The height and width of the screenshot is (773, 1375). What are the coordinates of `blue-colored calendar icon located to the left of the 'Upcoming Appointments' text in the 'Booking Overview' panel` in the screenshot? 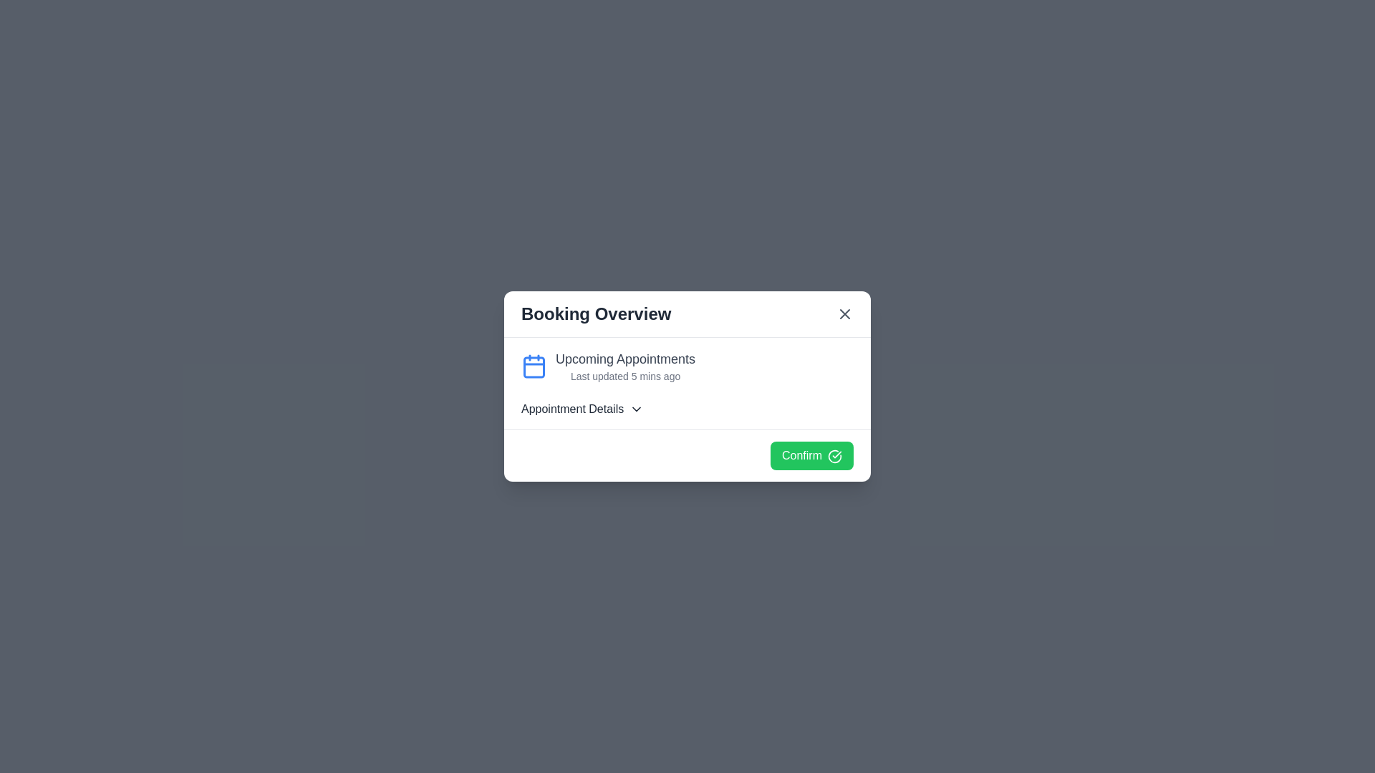 It's located at (533, 366).